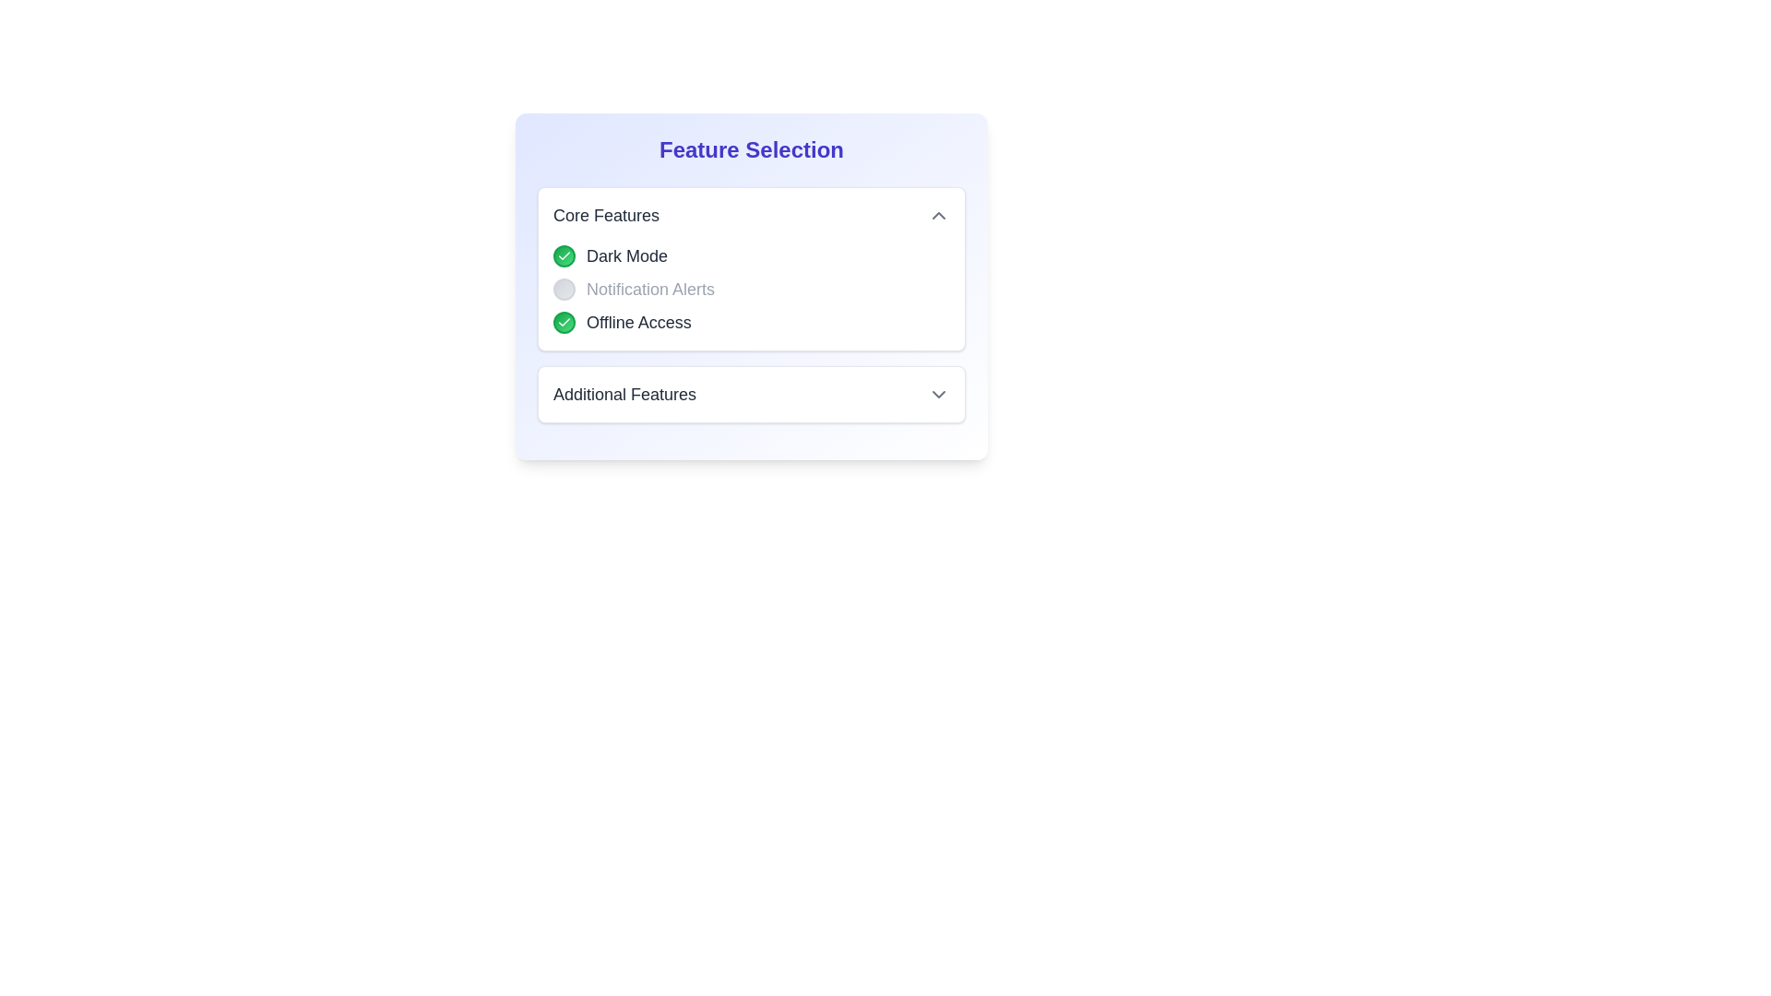 The width and height of the screenshot is (1771, 996). Describe the element at coordinates (638, 322) in the screenshot. I see `the 'Offline Access' text label, which is the third item in the 'Core Features' section and is adjacent to a green circular icon with a white checkmark` at that location.